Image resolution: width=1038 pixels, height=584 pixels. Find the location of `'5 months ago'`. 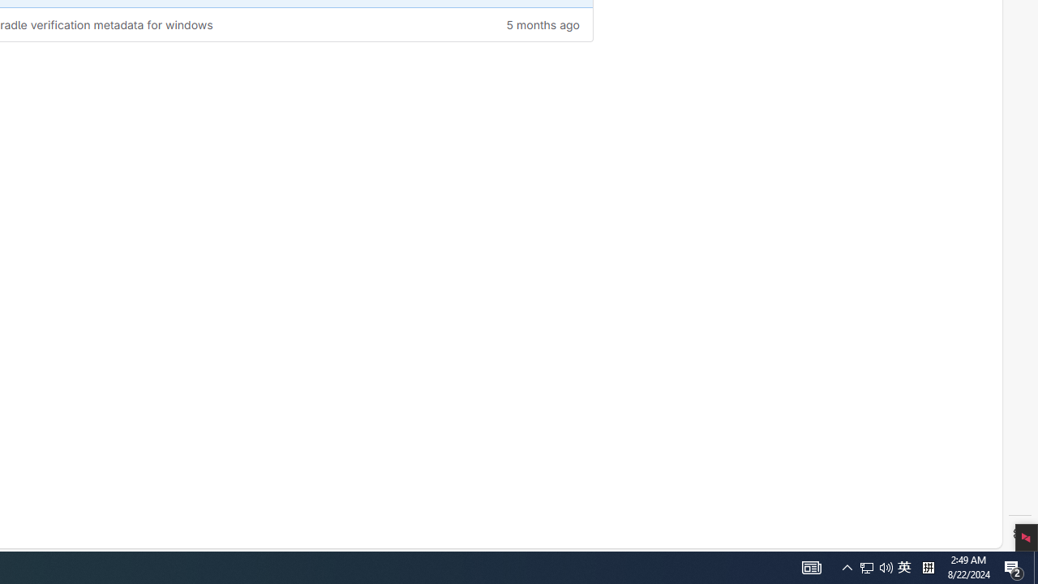

'5 months ago' is located at coordinates (496, 24).